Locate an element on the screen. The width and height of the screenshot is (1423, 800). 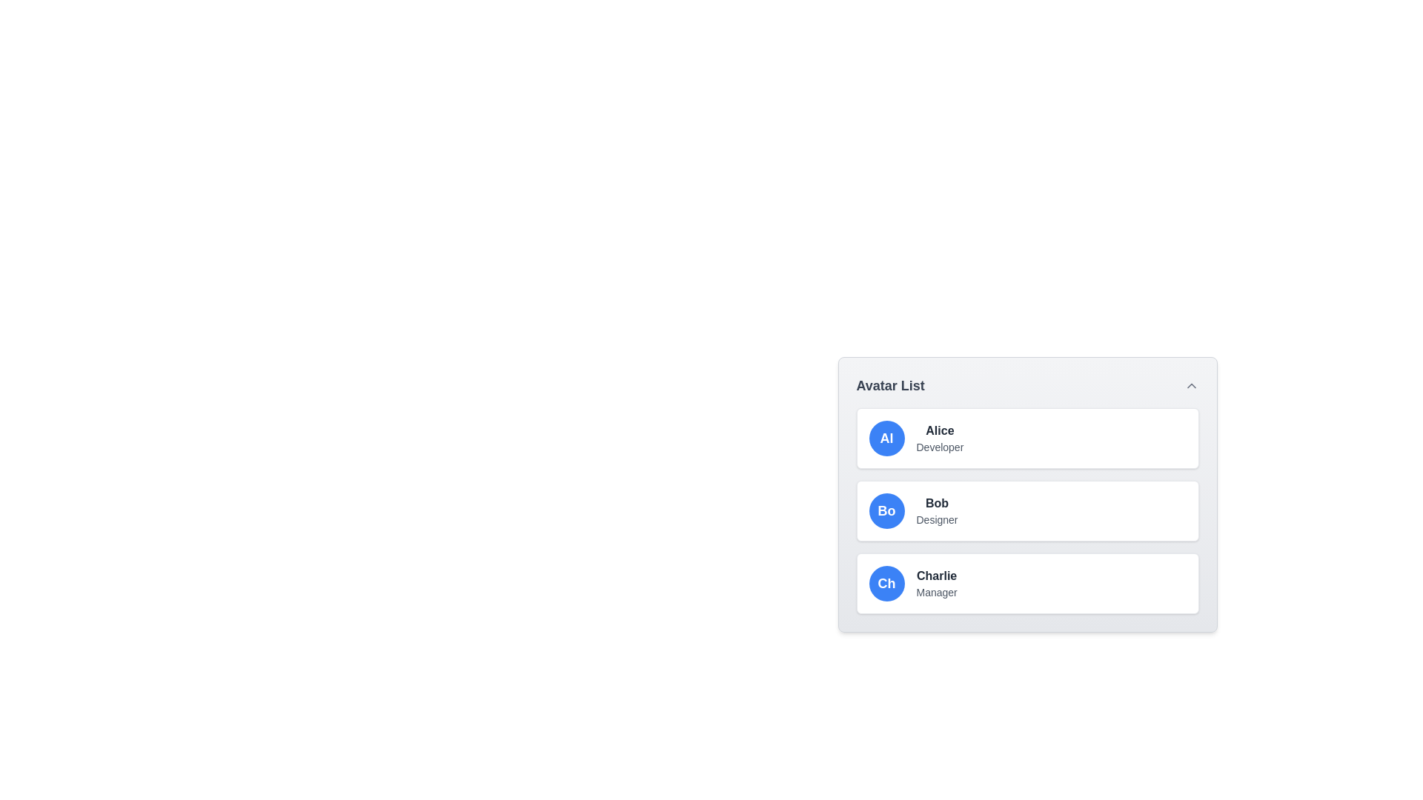
the upward-pointing triangular button (chevron) located to the far right of the 'Avatar List' heading for interaction feedback is located at coordinates (1191, 384).